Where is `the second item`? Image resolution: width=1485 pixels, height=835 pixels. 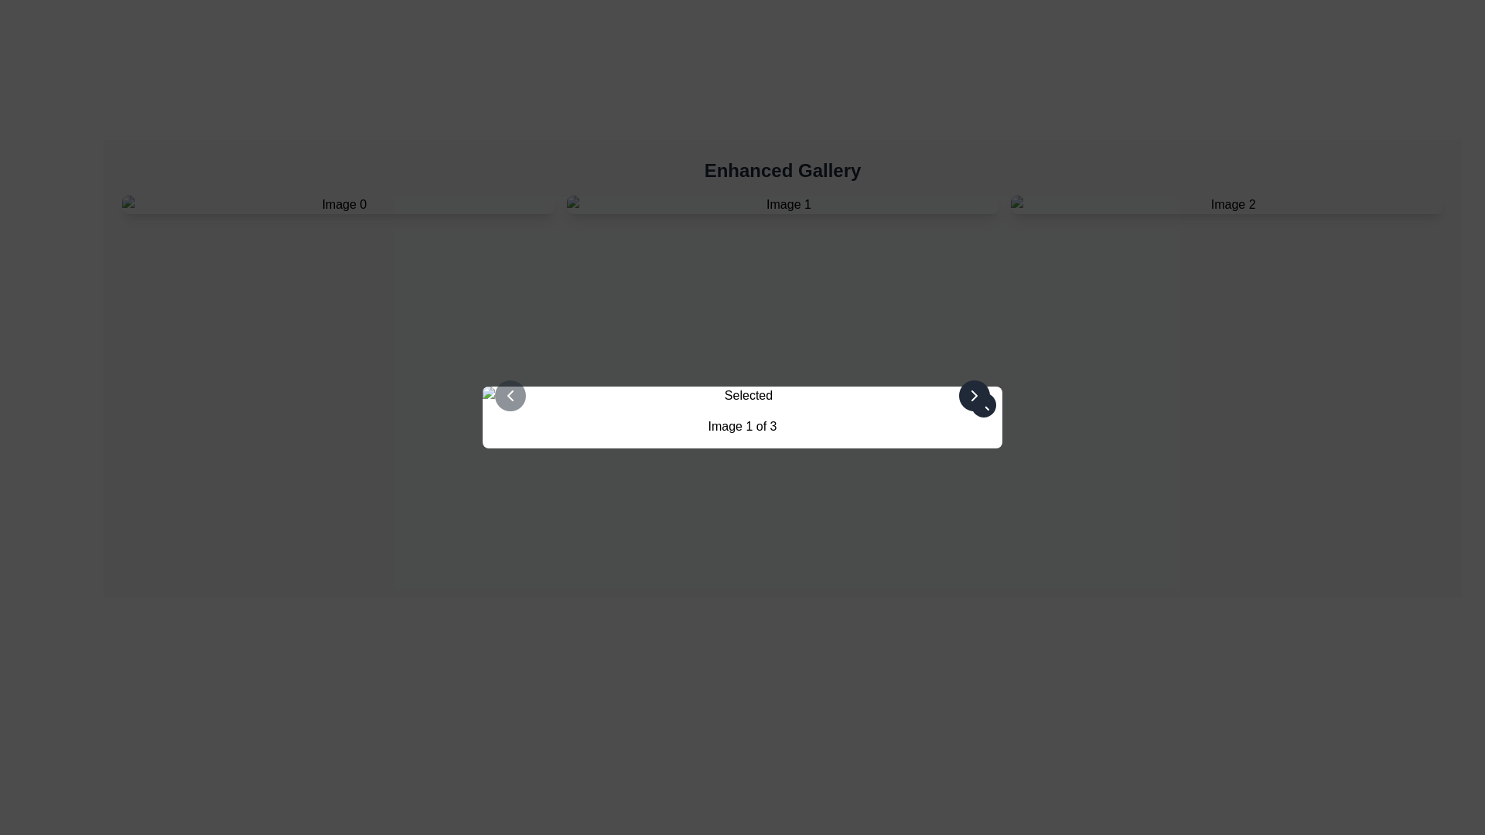
the second item is located at coordinates (783, 204).